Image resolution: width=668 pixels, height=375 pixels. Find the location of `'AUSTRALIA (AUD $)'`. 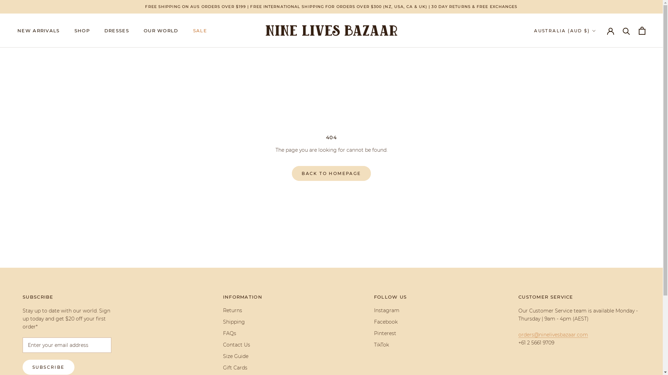

'AUSTRALIA (AUD $)' is located at coordinates (534, 30).